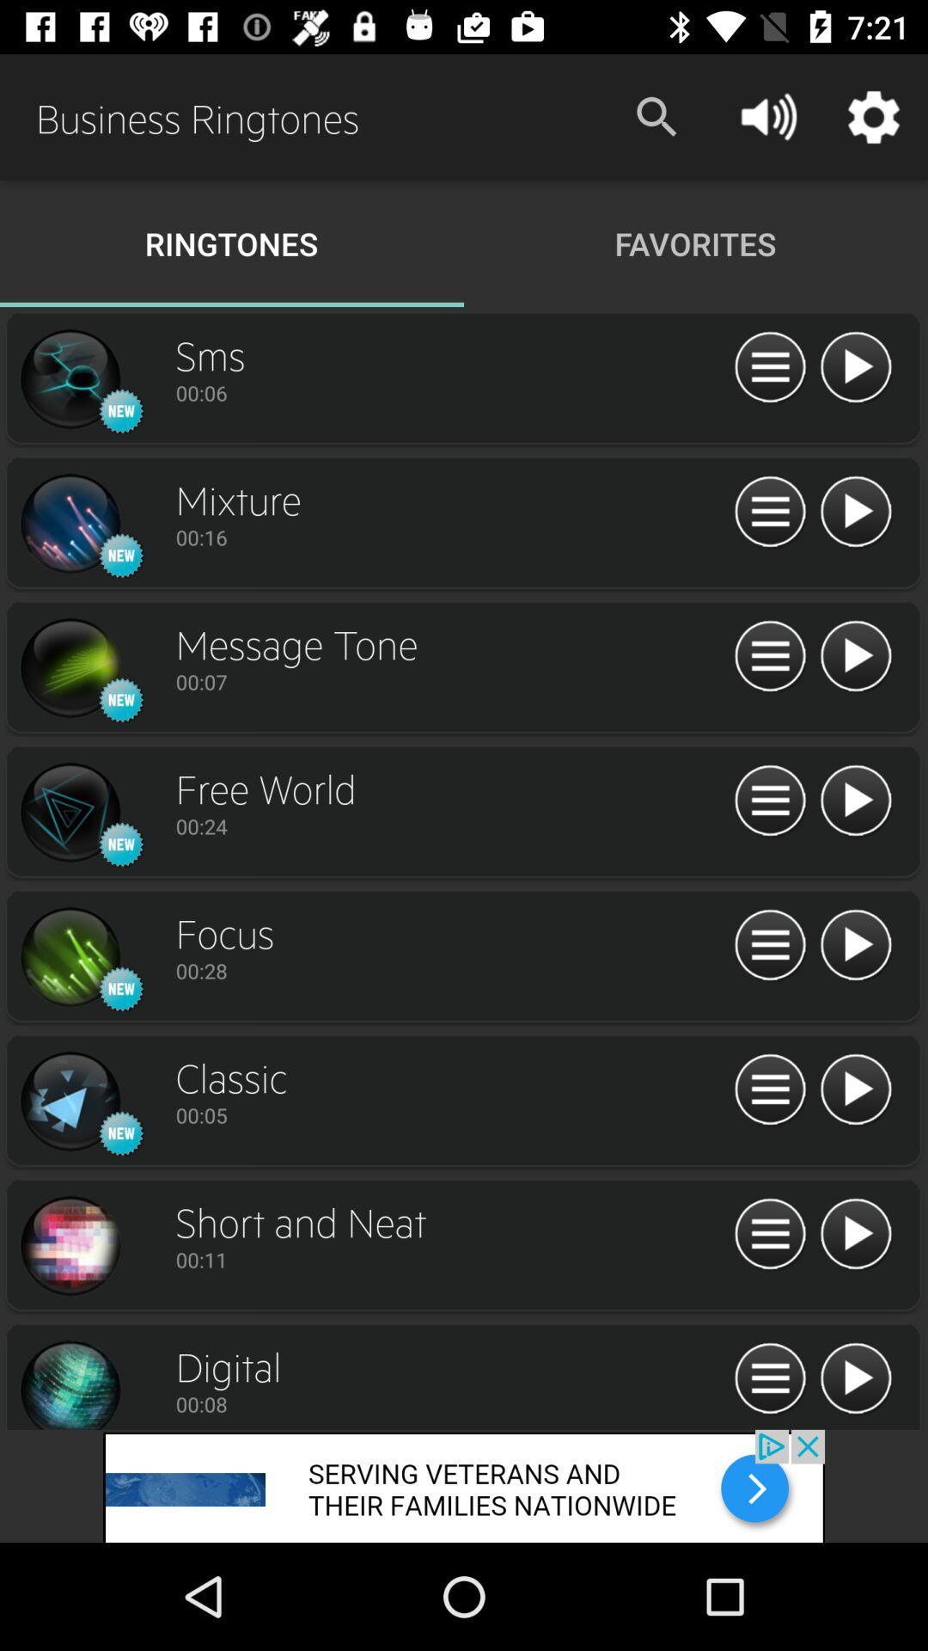 The image size is (928, 1651). I want to click on play, so click(855, 1234).